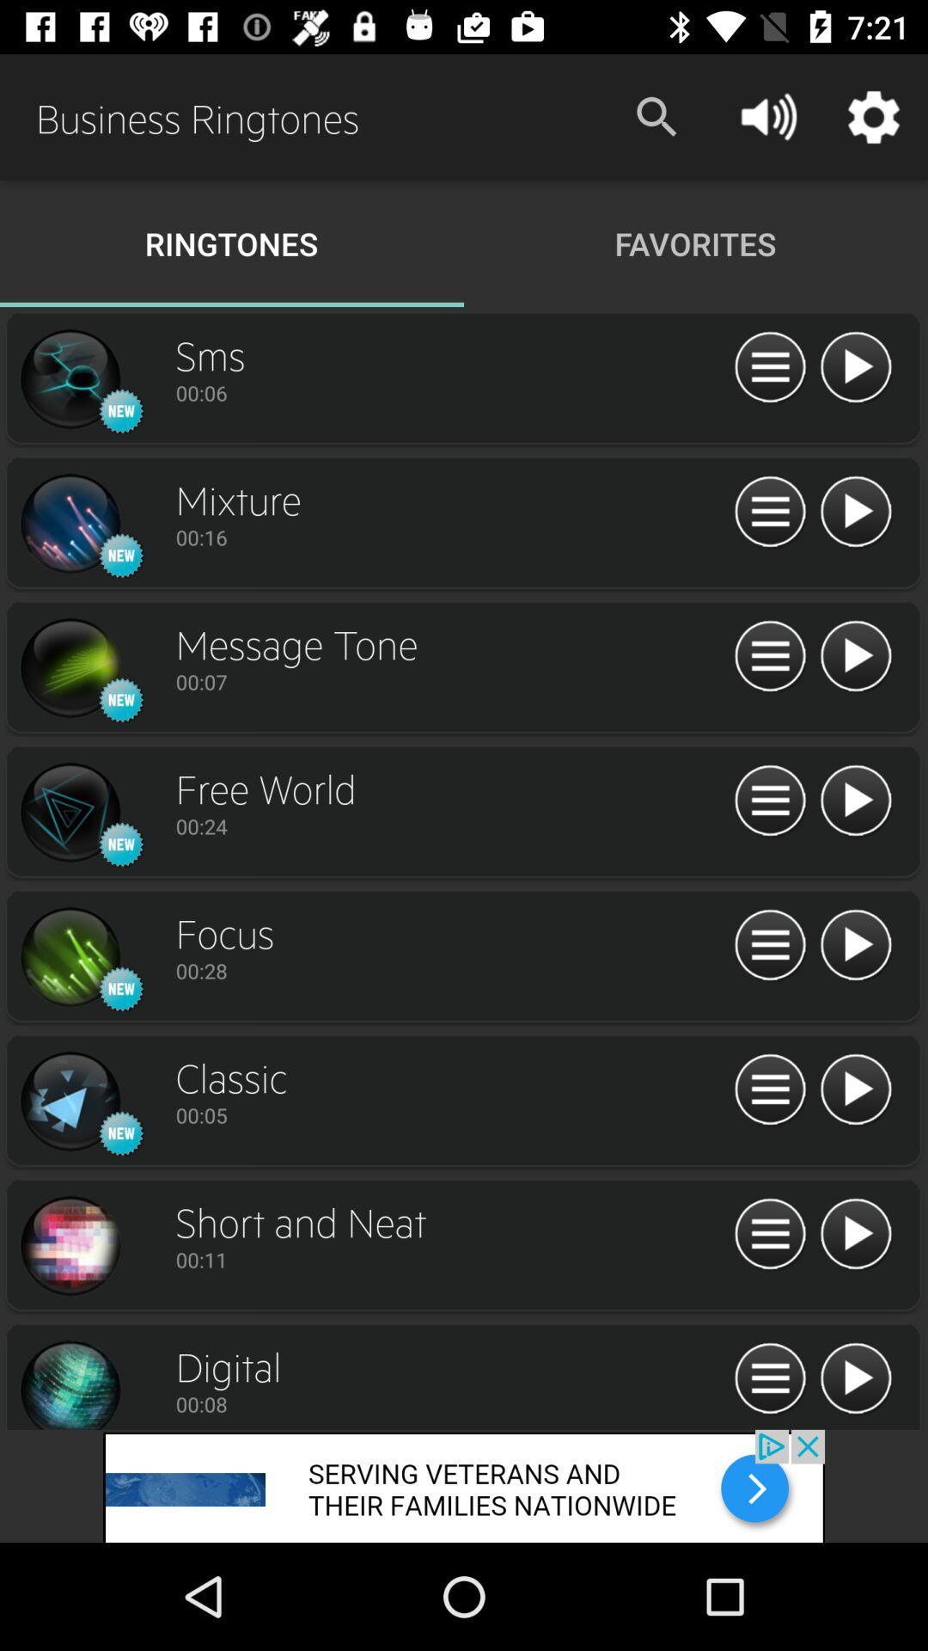 The image size is (928, 1651). I want to click on play, so click(855, 1234).